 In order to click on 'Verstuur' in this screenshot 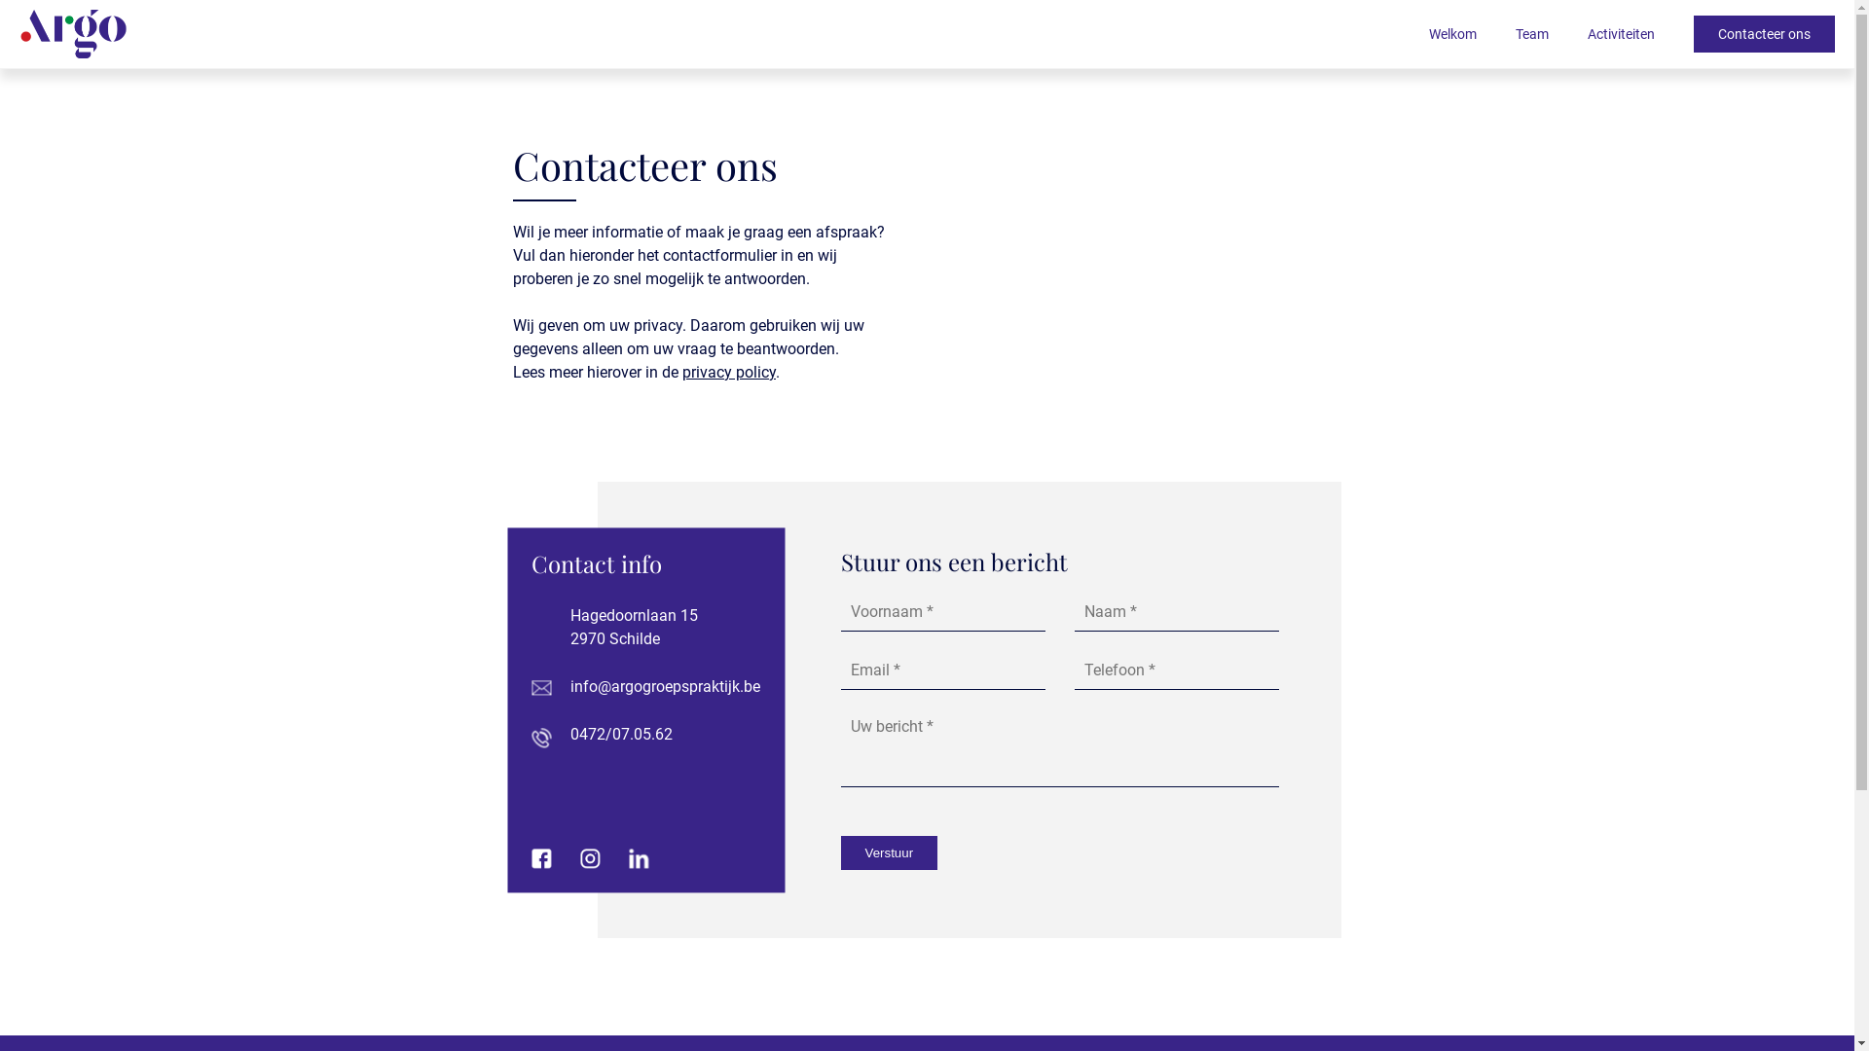, I will do `click(888, 852)`.